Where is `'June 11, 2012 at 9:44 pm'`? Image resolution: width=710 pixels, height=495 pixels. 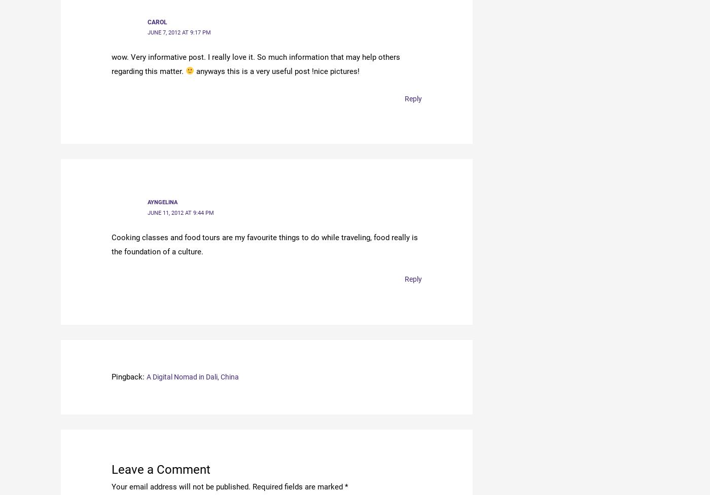
'June 11, 2012 at 9:44 pm' is located at coordinates (184, 211).